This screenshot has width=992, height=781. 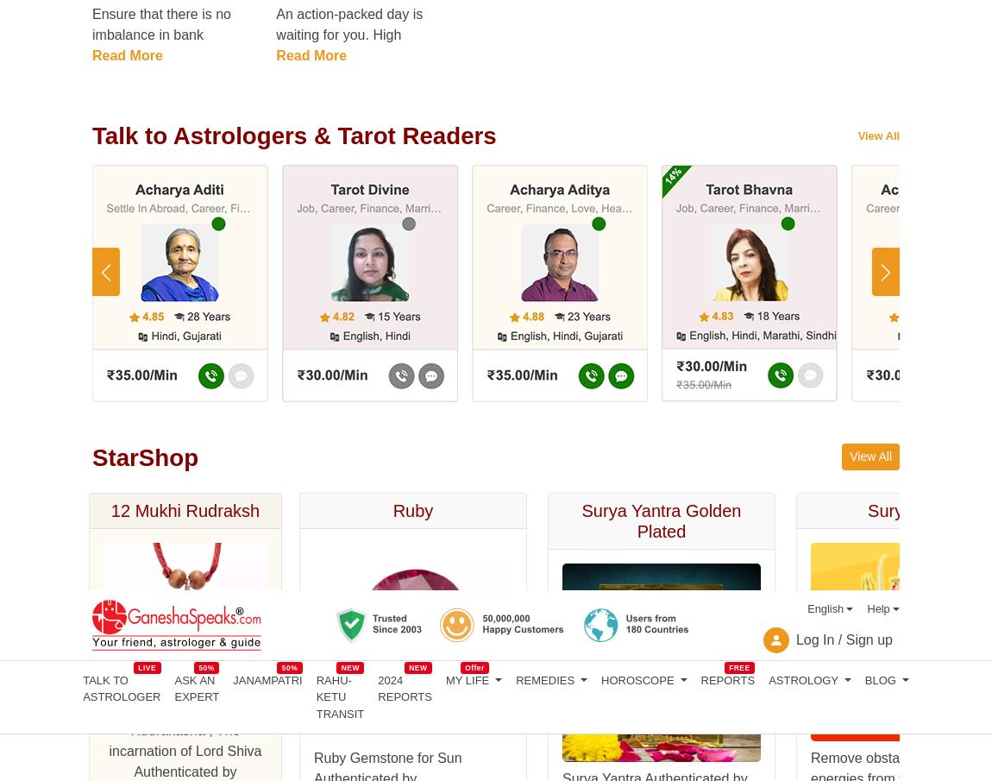 I want to click on 'Leo', so click(x=102, y=696).